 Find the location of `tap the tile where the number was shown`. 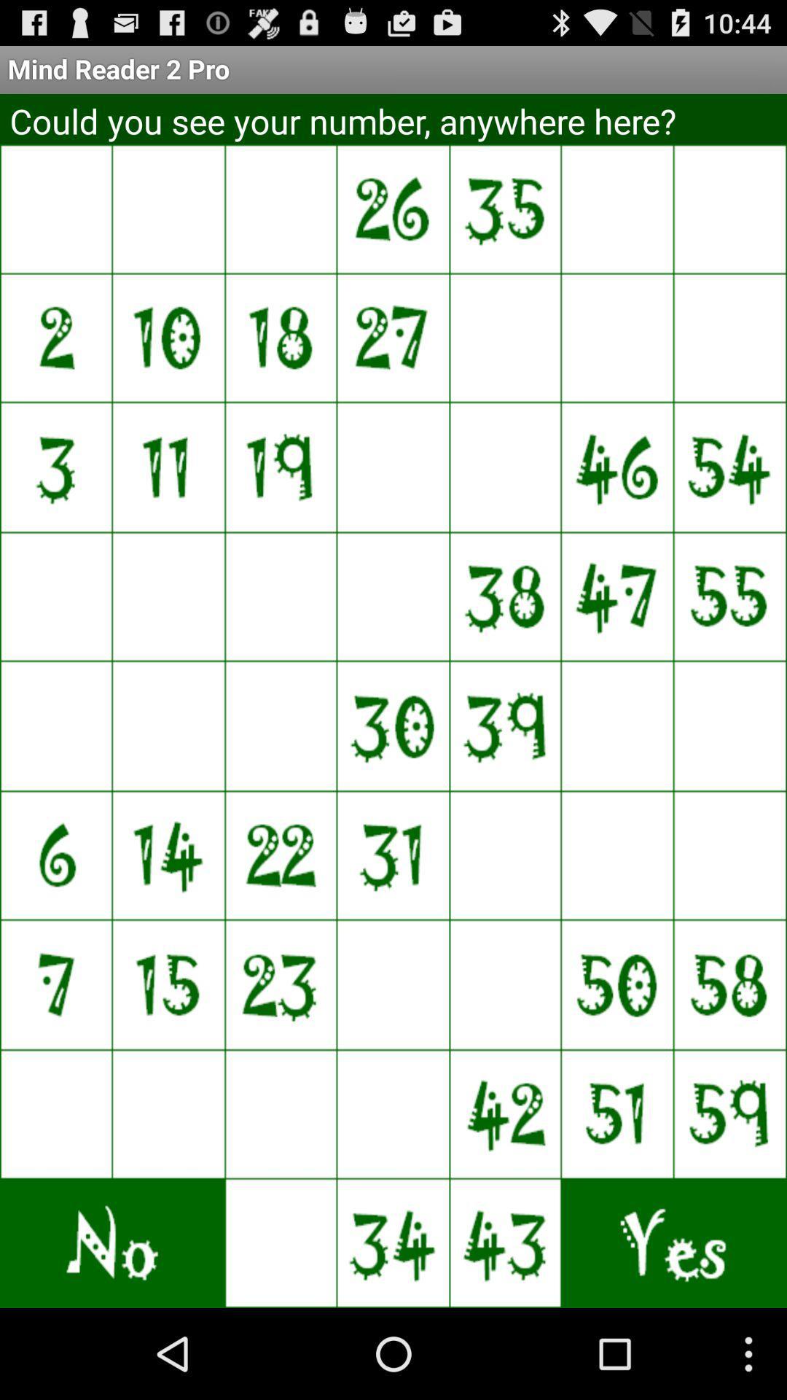

tap the tile where the number was shown is located at coordinates (224, 726).